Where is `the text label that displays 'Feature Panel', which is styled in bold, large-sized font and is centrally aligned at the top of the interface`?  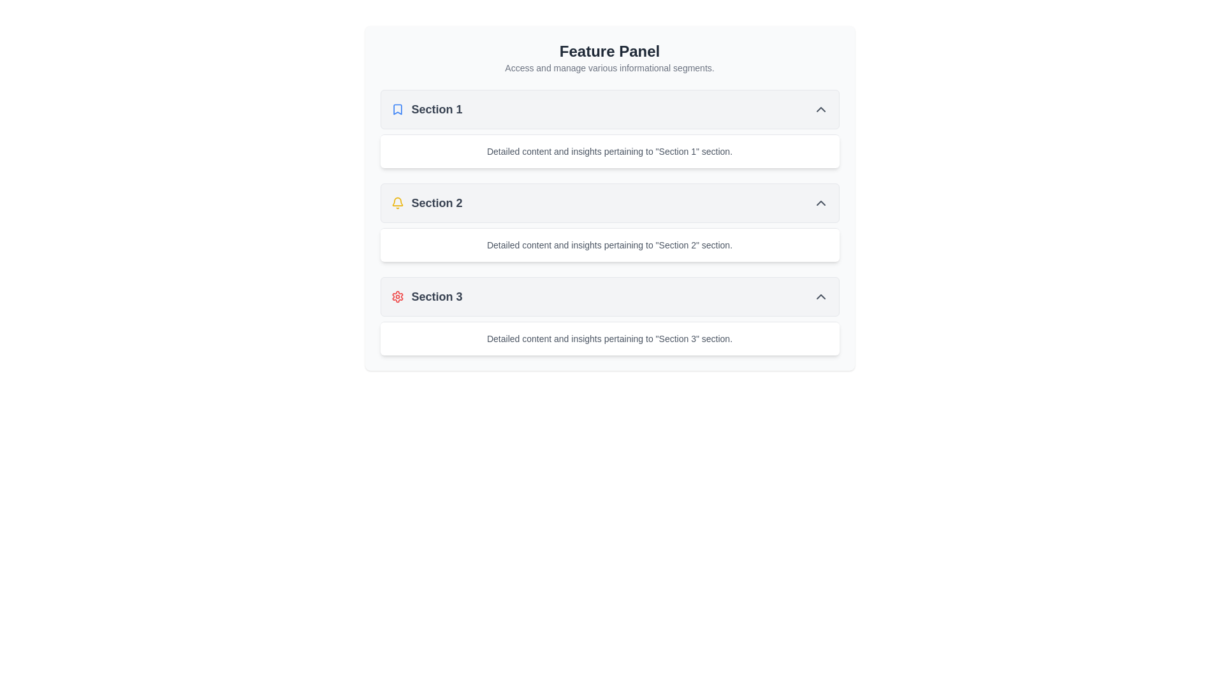 the text label that displays 'Feature Panel', which is styled in bold, large-sized font and is centrally aligned at the top of the interface is located at coordinates (609, 51).